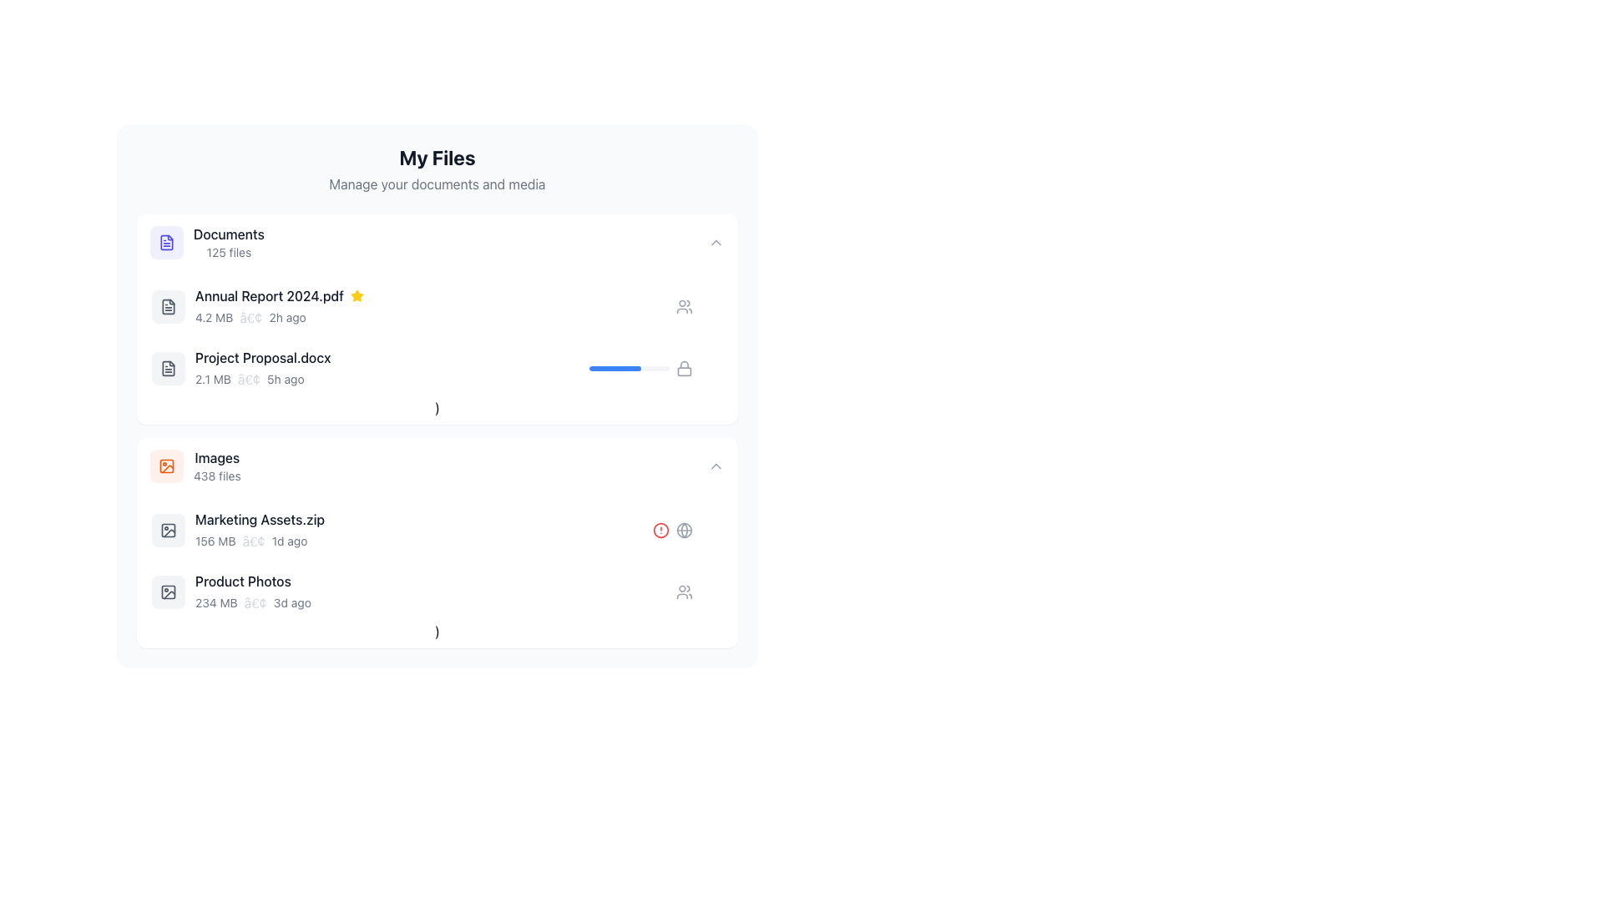 The image size is (1603, 901). What do you see at coordinates (437, 184) in the screenshot?
I see `static text component located directly beneath the header 'My Files', which serves as a subtitle explaining the functionality of the section` at bounding box center [437, 184].